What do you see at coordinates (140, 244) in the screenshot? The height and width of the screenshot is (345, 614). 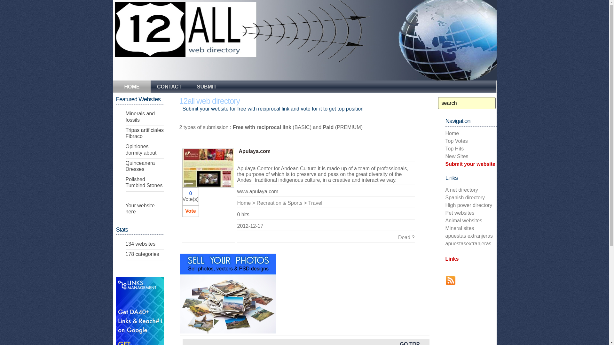 I see `'134 websites'` at bounding box center [140, 244].